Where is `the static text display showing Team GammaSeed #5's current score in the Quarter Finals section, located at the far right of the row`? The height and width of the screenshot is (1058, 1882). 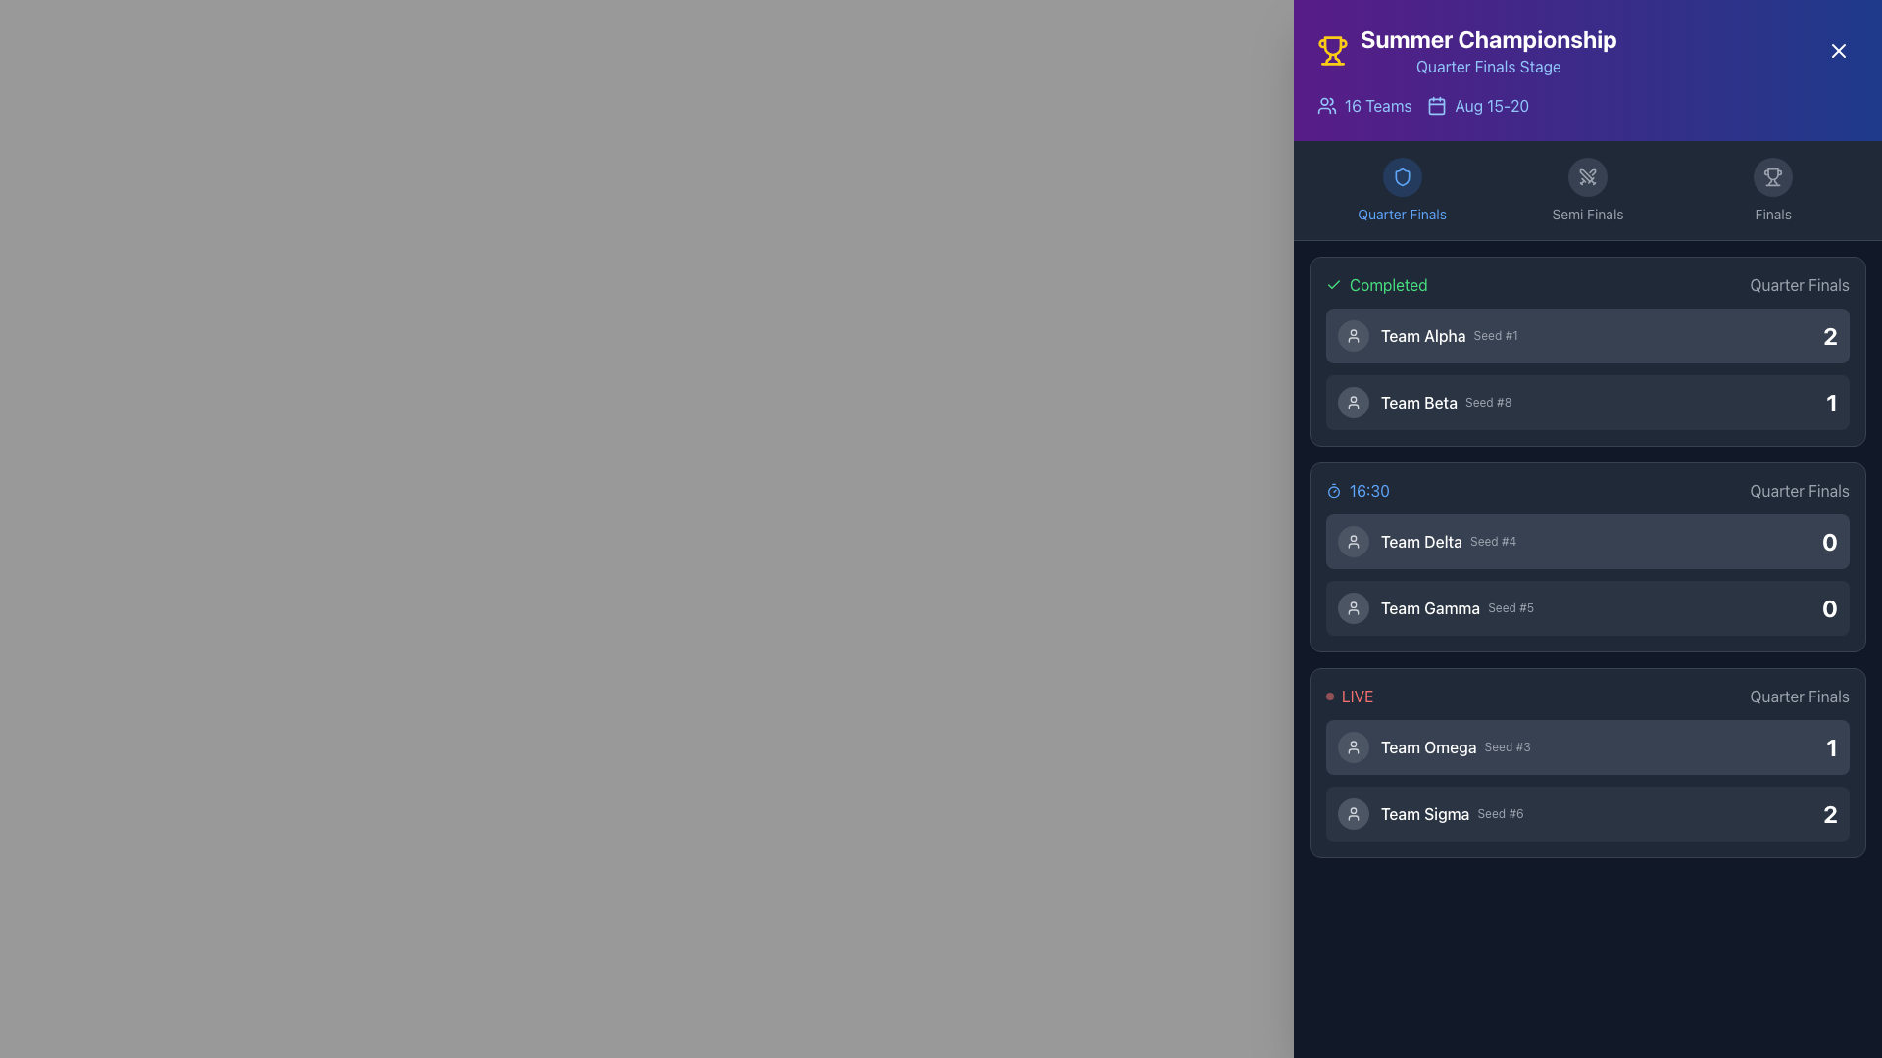
the static text display showing Team GammaSeed #5's current score in the Quarter Finals section, located at the far right of the row is located at coordinates (1829, 607).